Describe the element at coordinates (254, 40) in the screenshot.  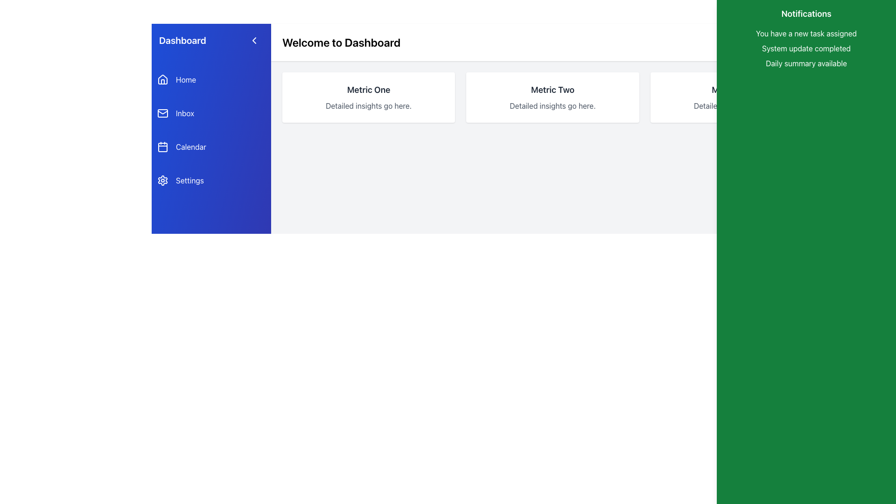
I see `the chevron left icon located in the top-left corner of the blue sidebar, adjacent to the 'Dashboard' text header` at that location.